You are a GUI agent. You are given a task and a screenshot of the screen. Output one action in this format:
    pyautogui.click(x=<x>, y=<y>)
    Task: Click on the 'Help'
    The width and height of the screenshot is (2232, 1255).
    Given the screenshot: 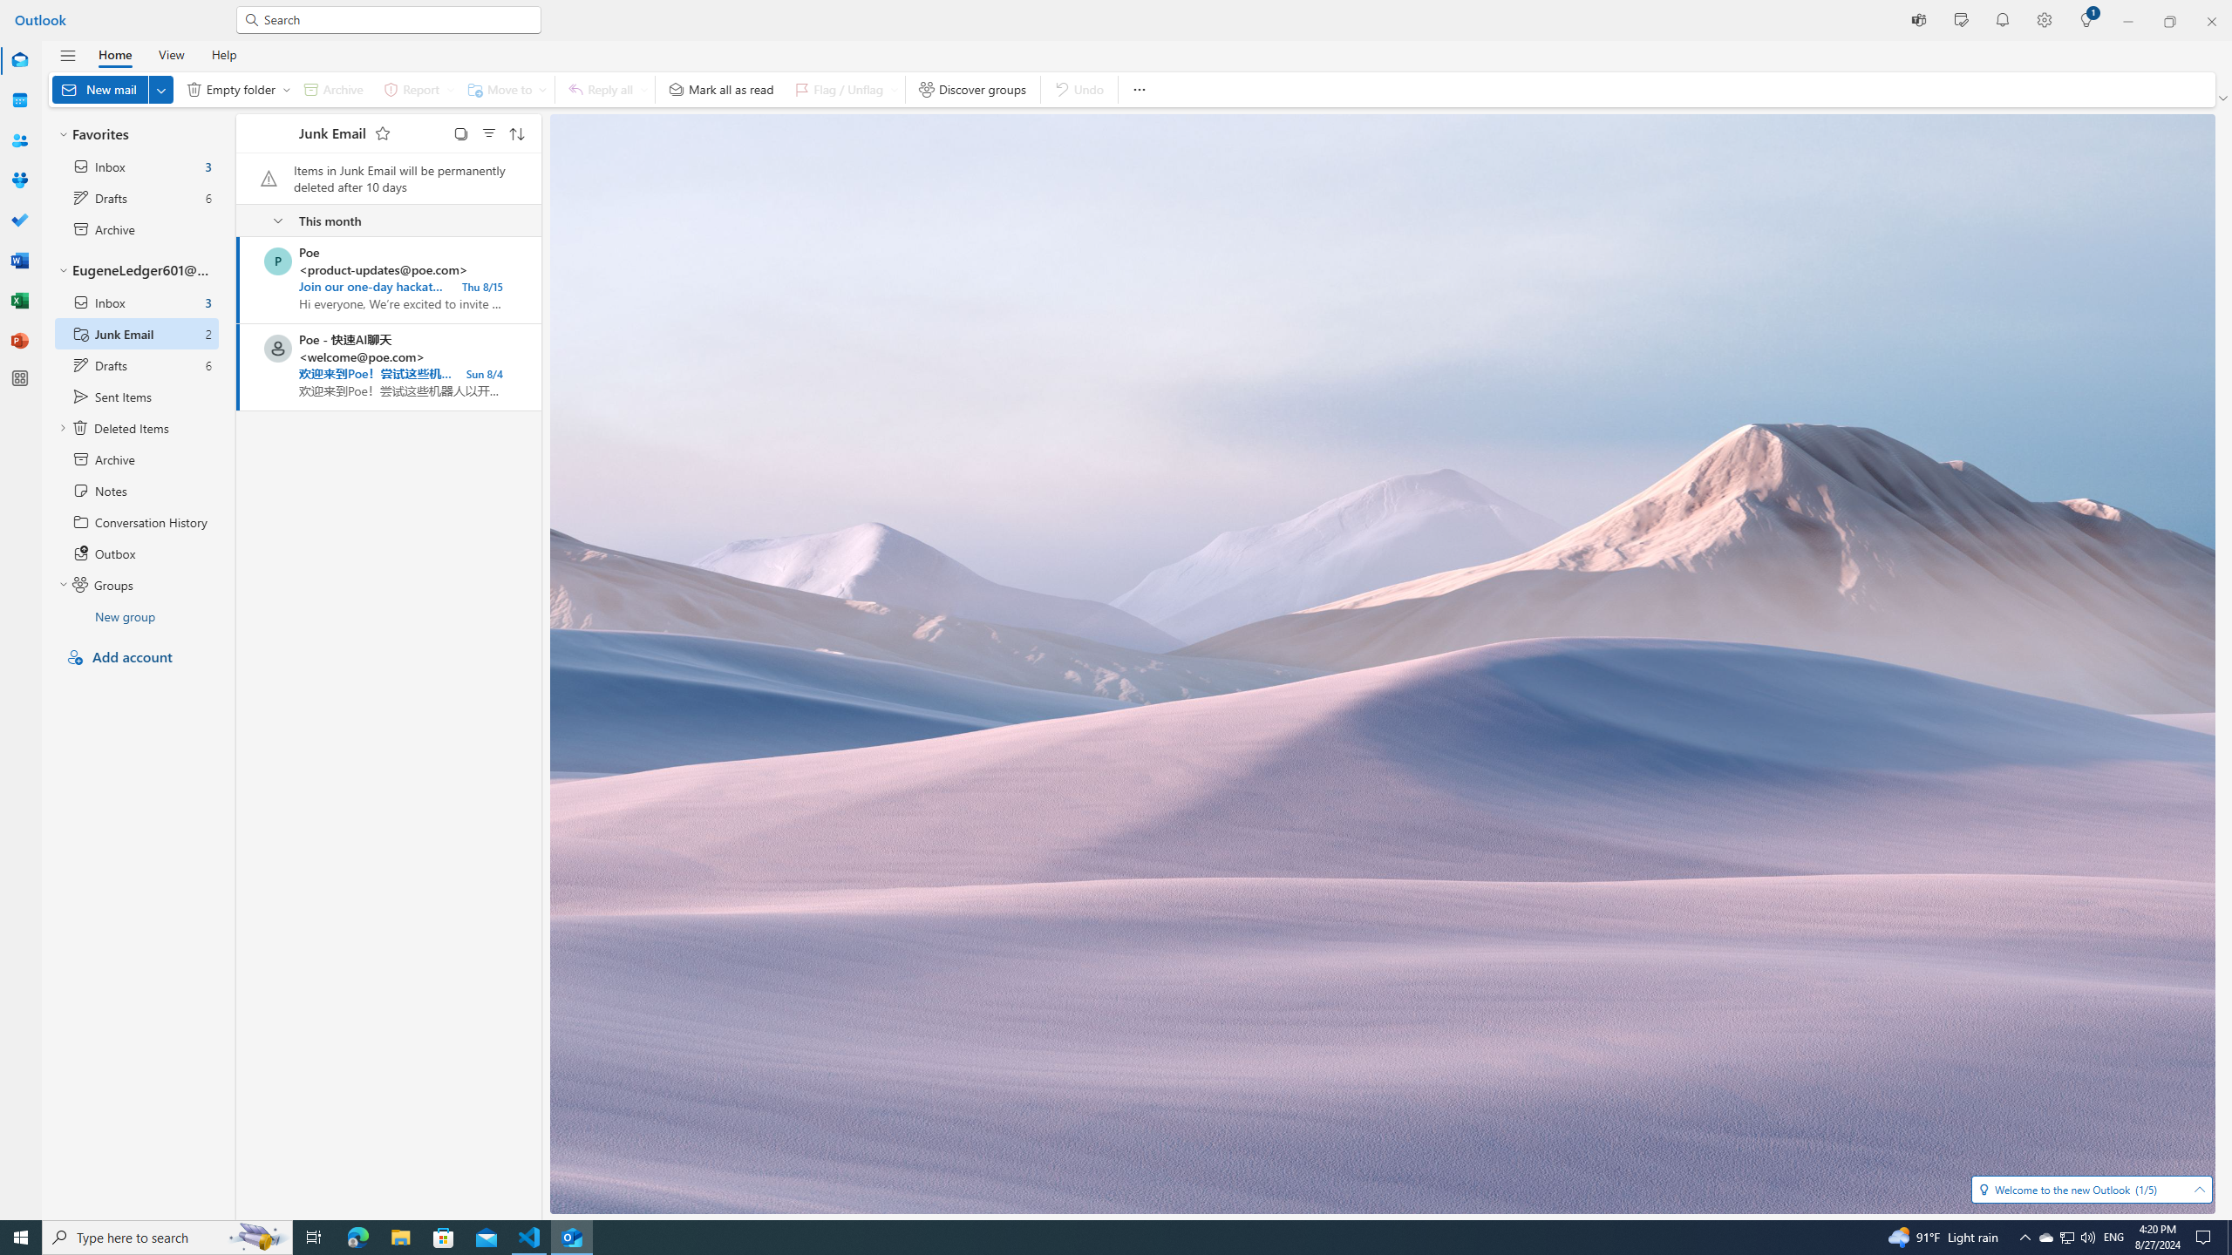 What is the action you would take?
    pyautogui.click(x=223, y=53)
    